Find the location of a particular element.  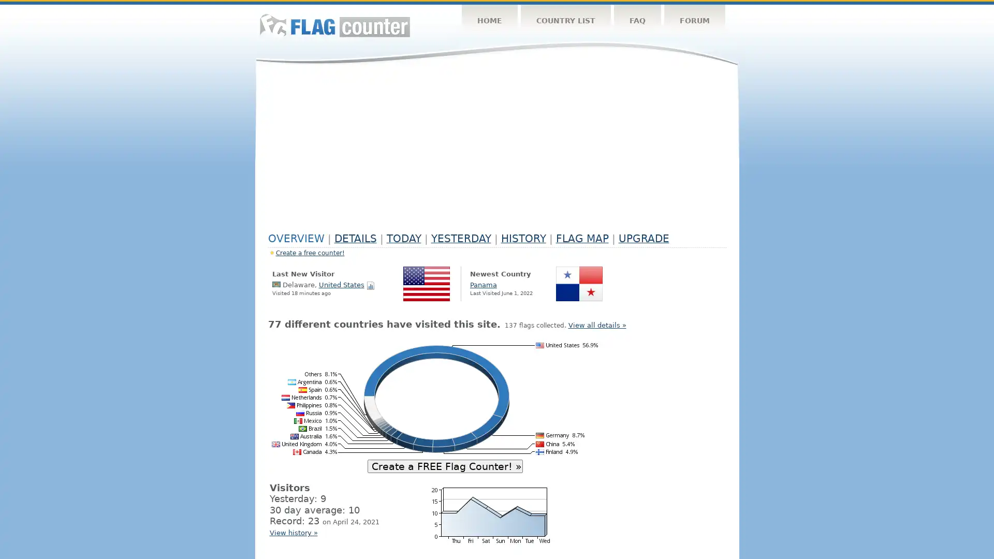

Create a FREE Flag Counter! is located at coordinates (445, 465).